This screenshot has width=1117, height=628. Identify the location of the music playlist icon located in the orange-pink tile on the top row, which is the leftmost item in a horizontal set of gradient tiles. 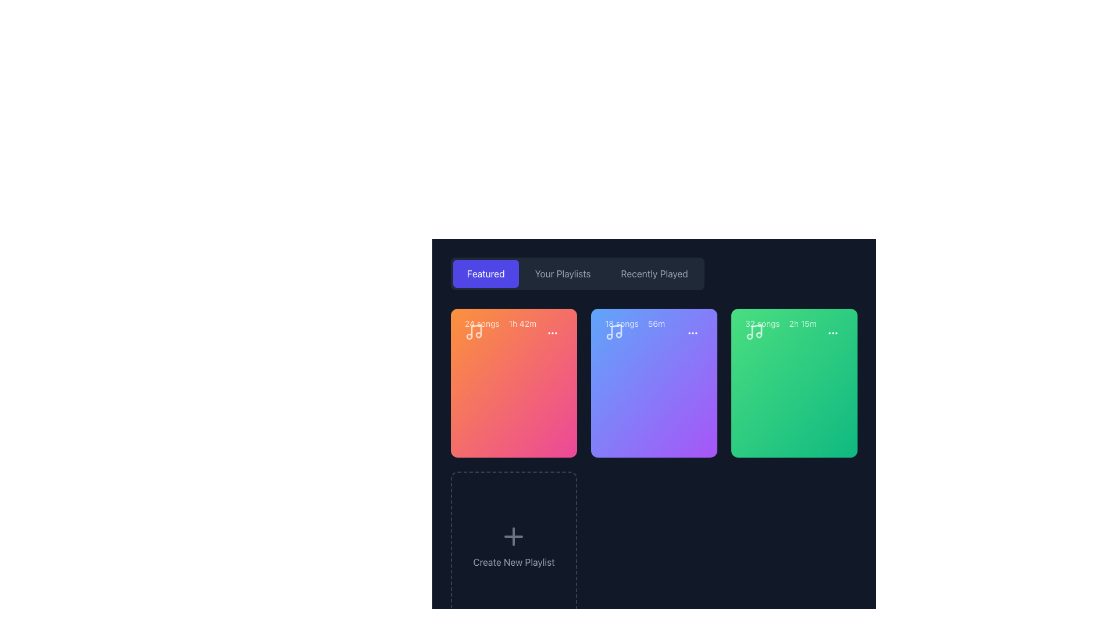
(474, 331).